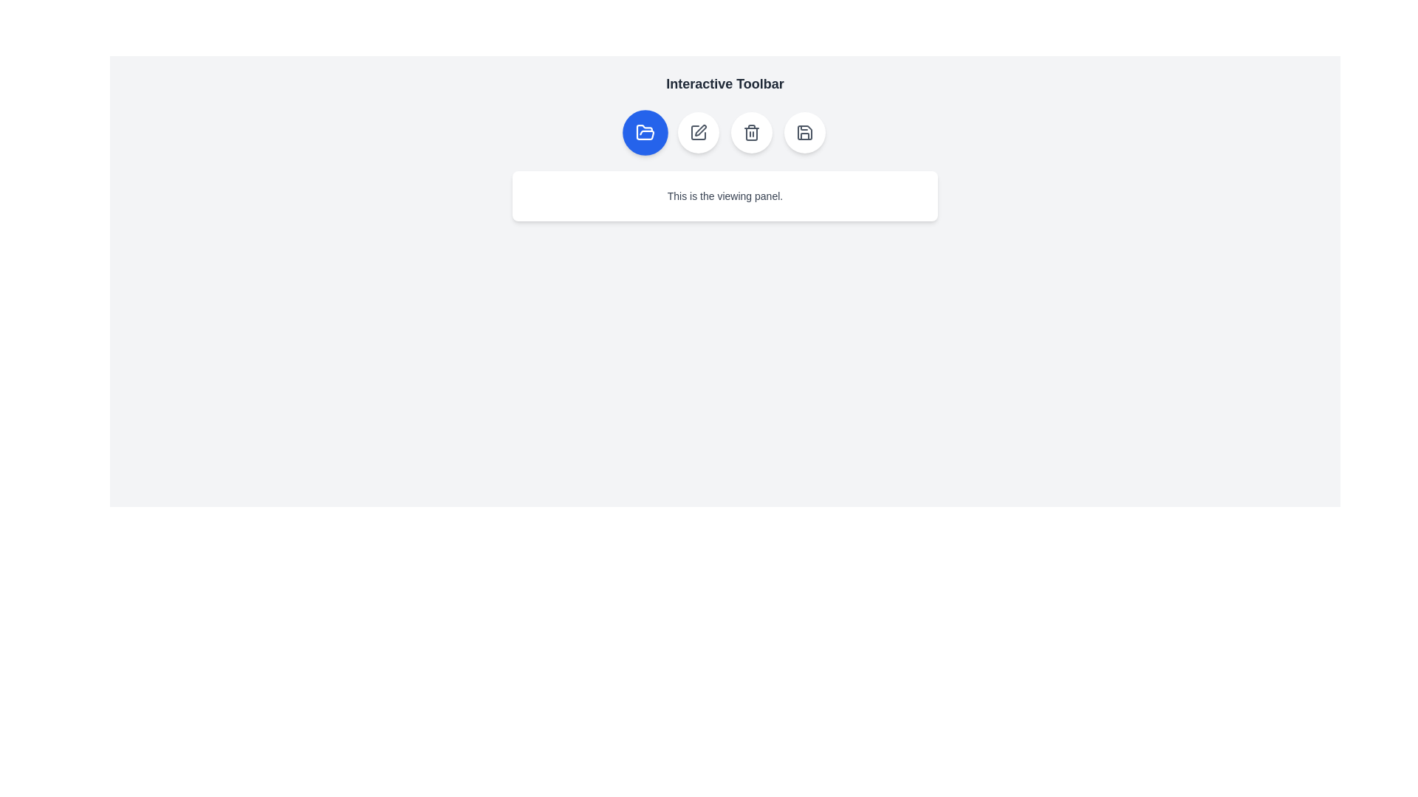  I want to click on the save icon button, which is represented as a floppy disk and is located in the fourth slot of the toolbar, so click(804, 133).